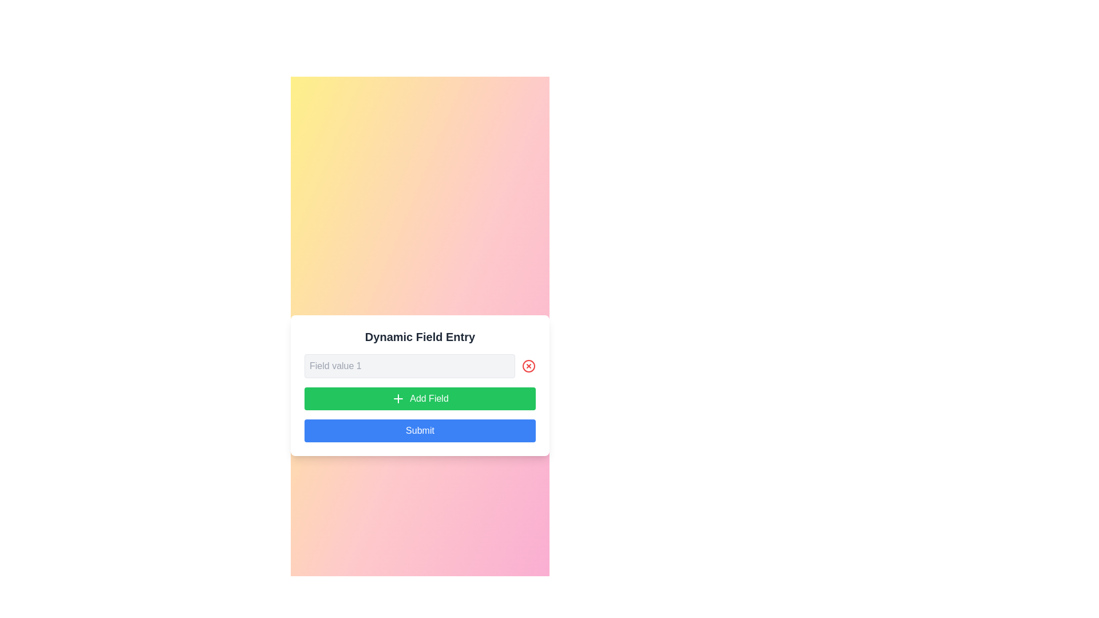 The width and height of the screenshot is (1099, 618). Describe the element at coordinates (420, 336) in the screenshot. I see `the static text label that serves as the title for the form related to managing dynamic fields` at that location.